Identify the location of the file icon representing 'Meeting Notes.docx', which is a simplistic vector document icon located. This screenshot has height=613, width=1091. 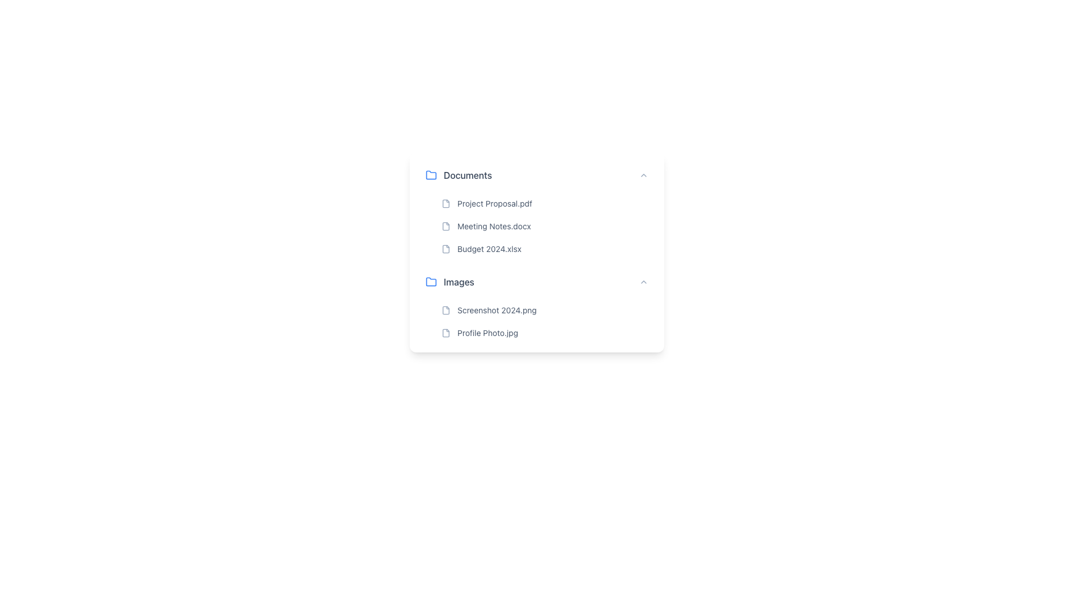
(445, 226).